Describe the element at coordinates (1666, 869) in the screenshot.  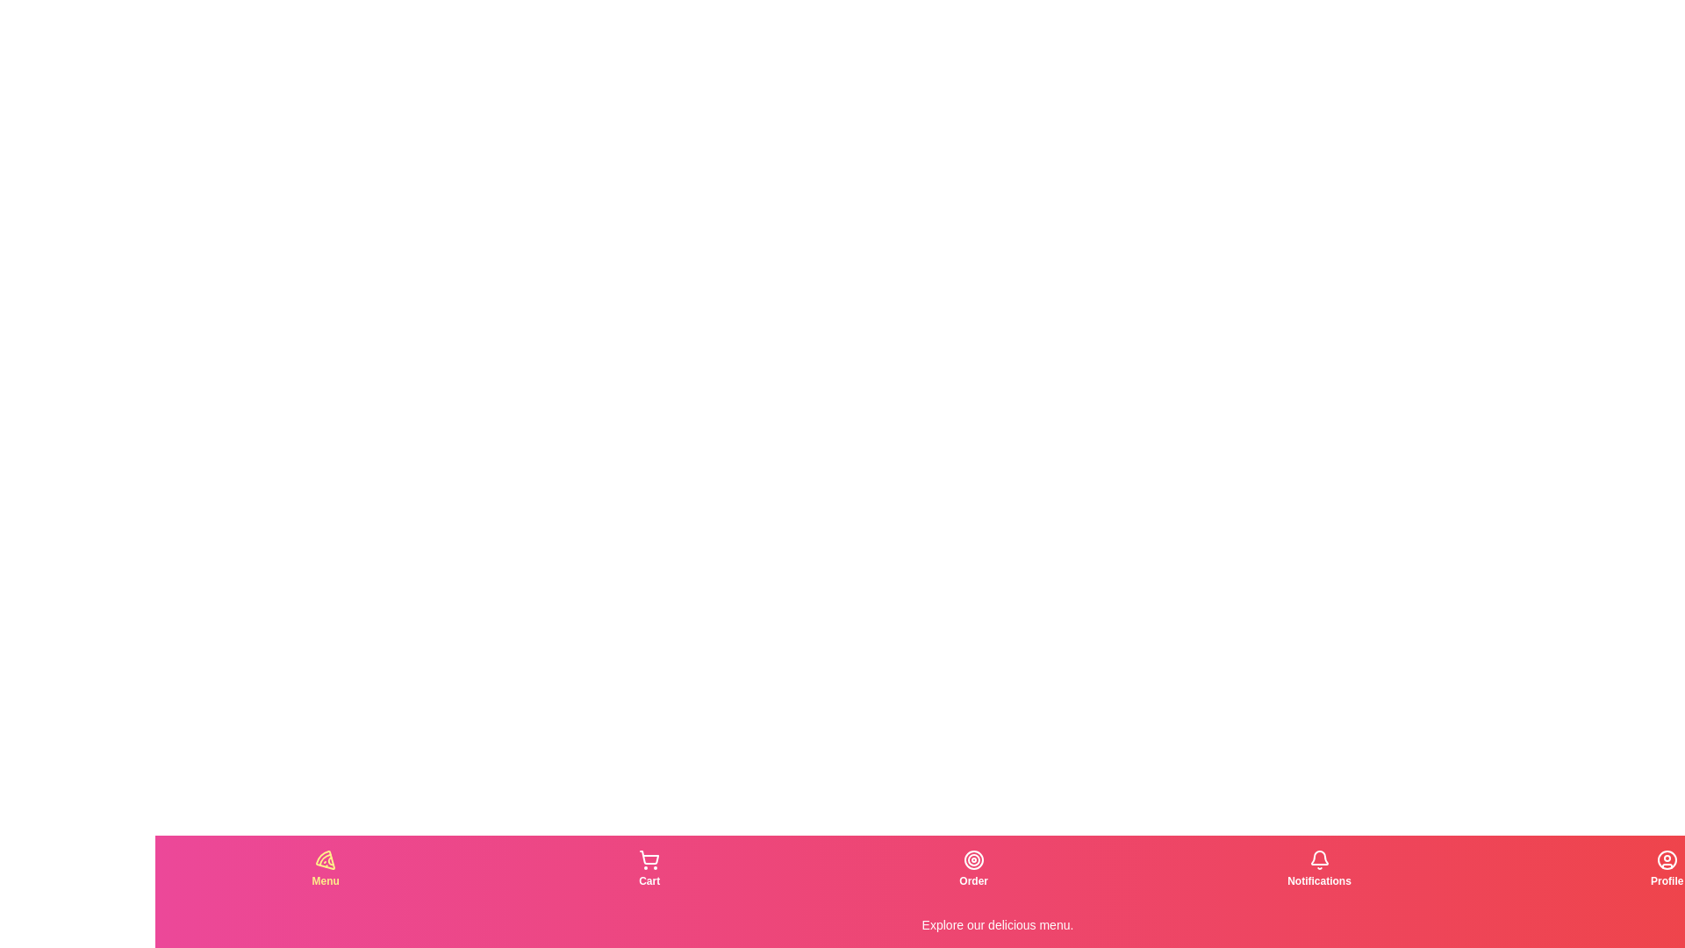
I see `the tab labeled Profile to observe the visual changes` at that location.